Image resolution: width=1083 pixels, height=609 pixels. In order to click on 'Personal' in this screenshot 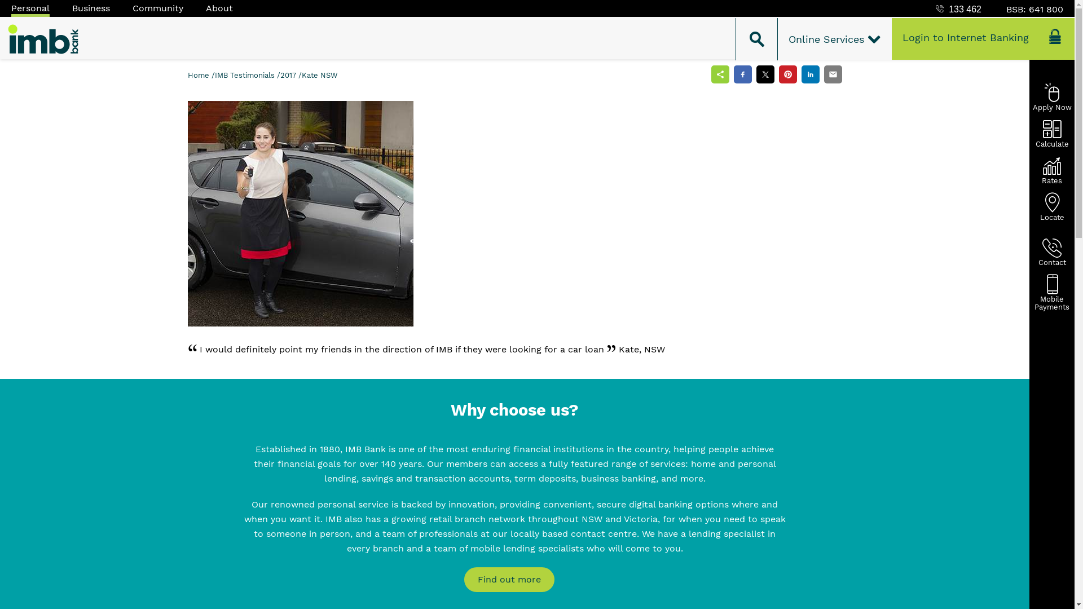, I will do `click(30, 8)`.